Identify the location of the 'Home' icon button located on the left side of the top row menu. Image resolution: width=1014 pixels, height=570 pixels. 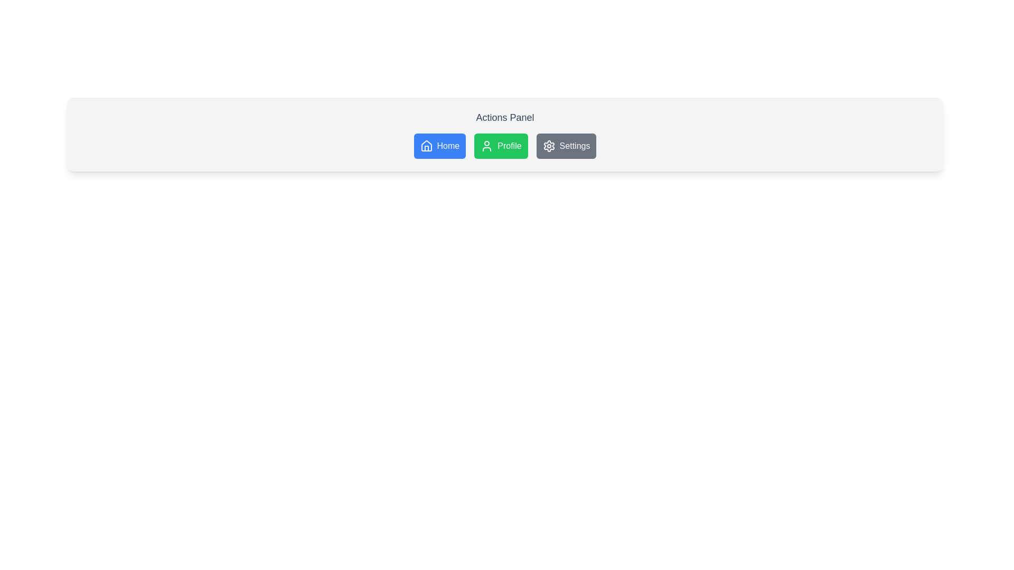
(426, 146).